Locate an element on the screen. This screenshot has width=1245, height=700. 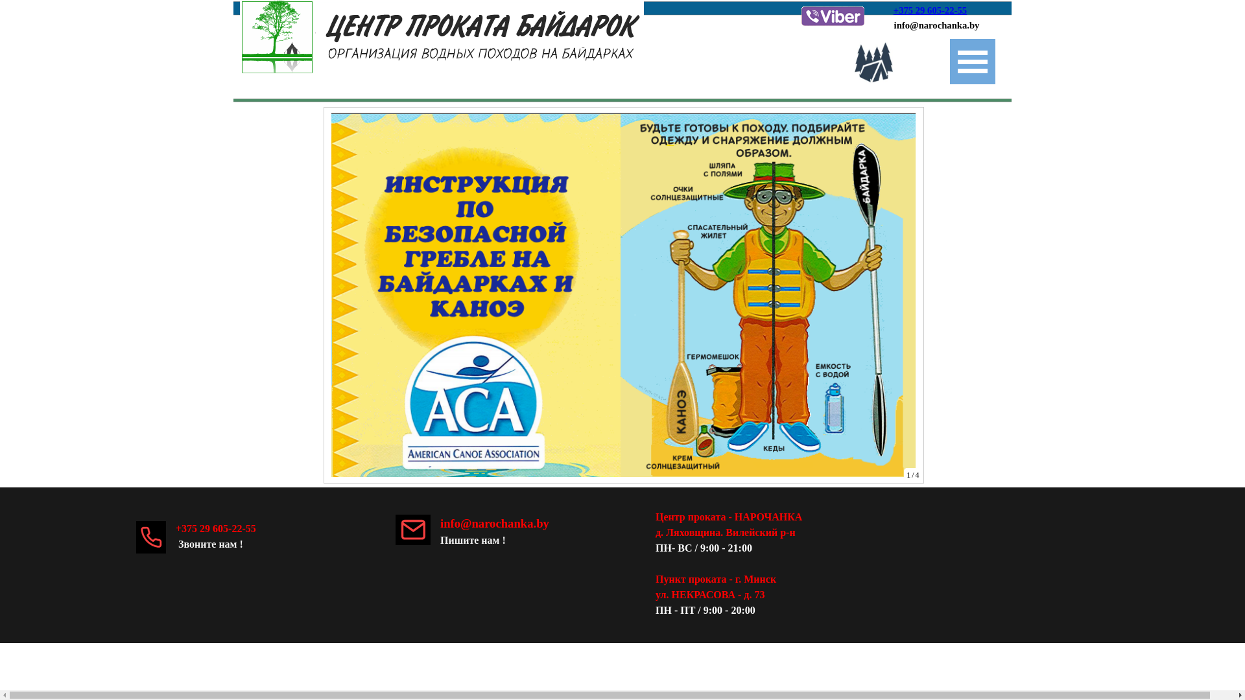
'+375 29 605-22-55' is located at coordinates (929, 10).